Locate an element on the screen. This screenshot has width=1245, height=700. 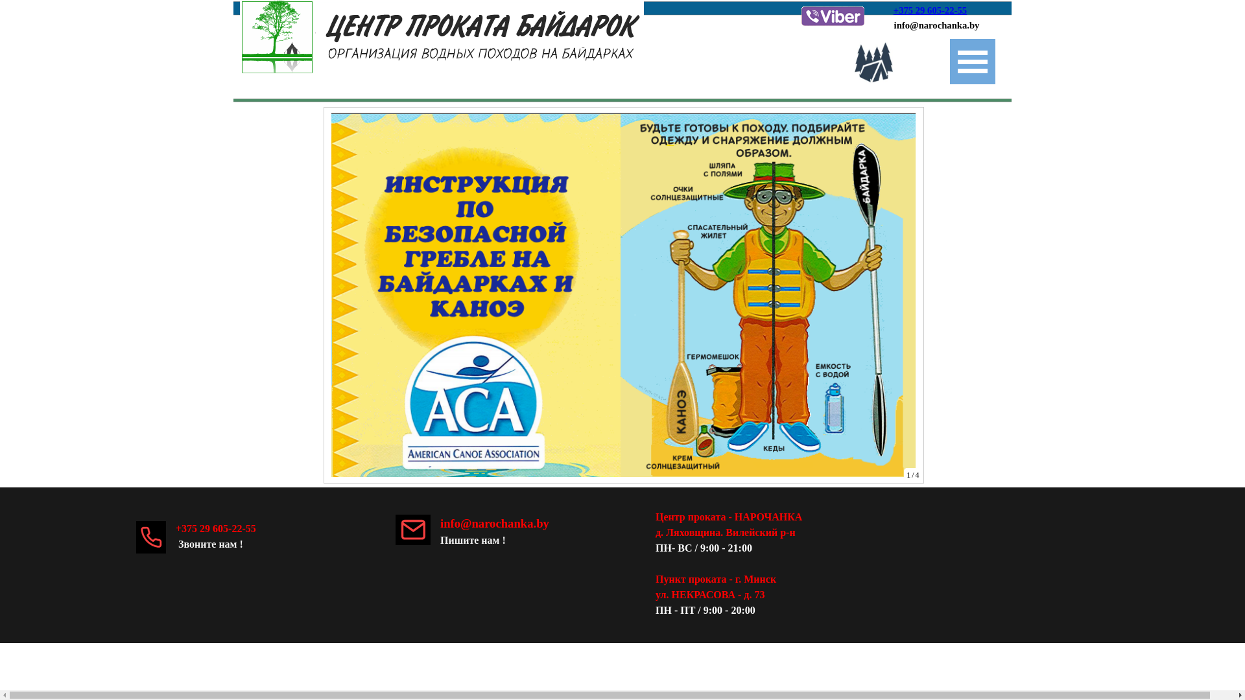
'+375 29 605-22-55' is located at coordinates (929, 10).